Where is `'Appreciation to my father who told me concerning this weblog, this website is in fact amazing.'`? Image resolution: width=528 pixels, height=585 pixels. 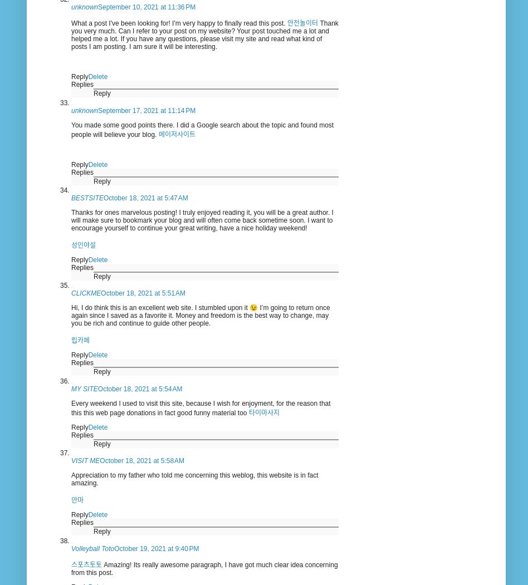 'Appreciation to my father who told me concerning this weblog, this website is in fact amazing.' is located at coordinates (194, 478).